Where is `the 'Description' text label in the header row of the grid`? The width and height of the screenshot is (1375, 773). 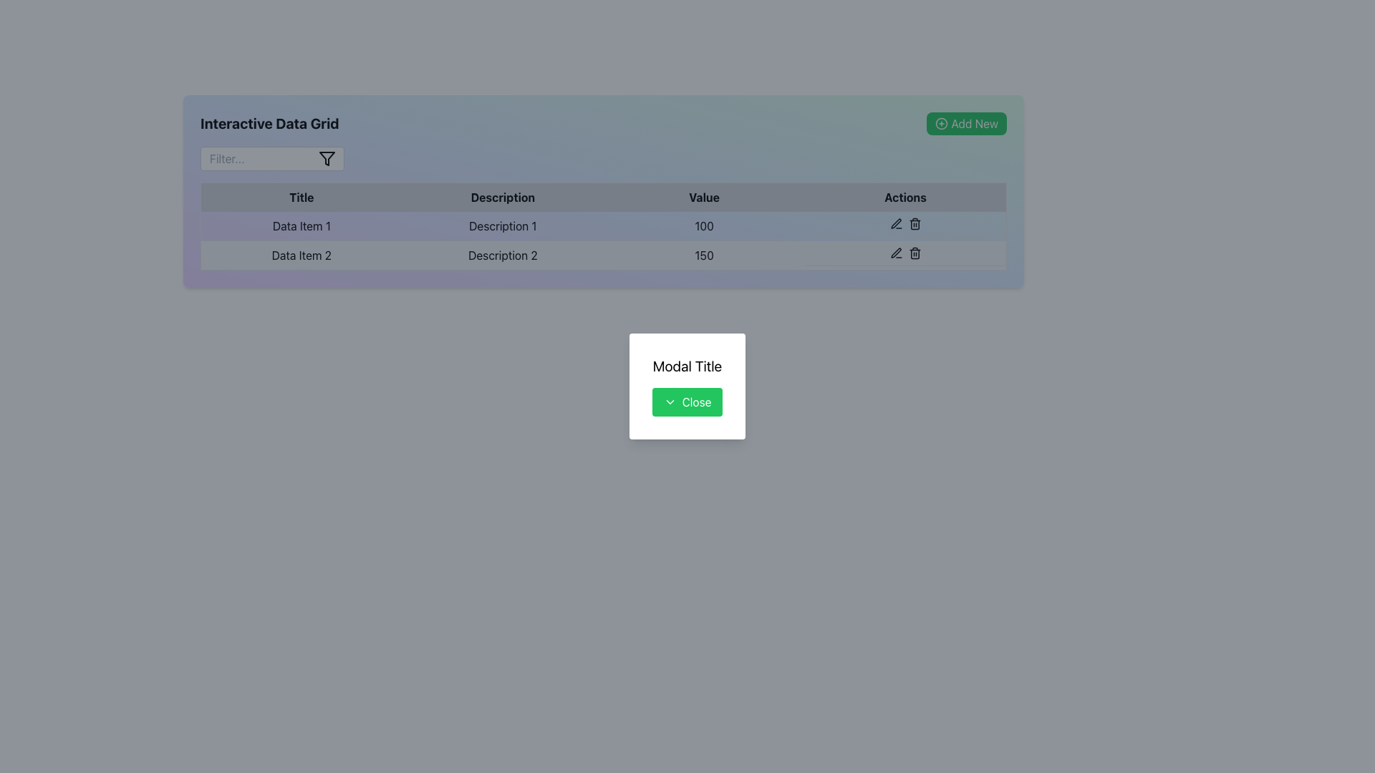
the 'Description' text label in the header row of the grid is located at coordinates (301, 197).